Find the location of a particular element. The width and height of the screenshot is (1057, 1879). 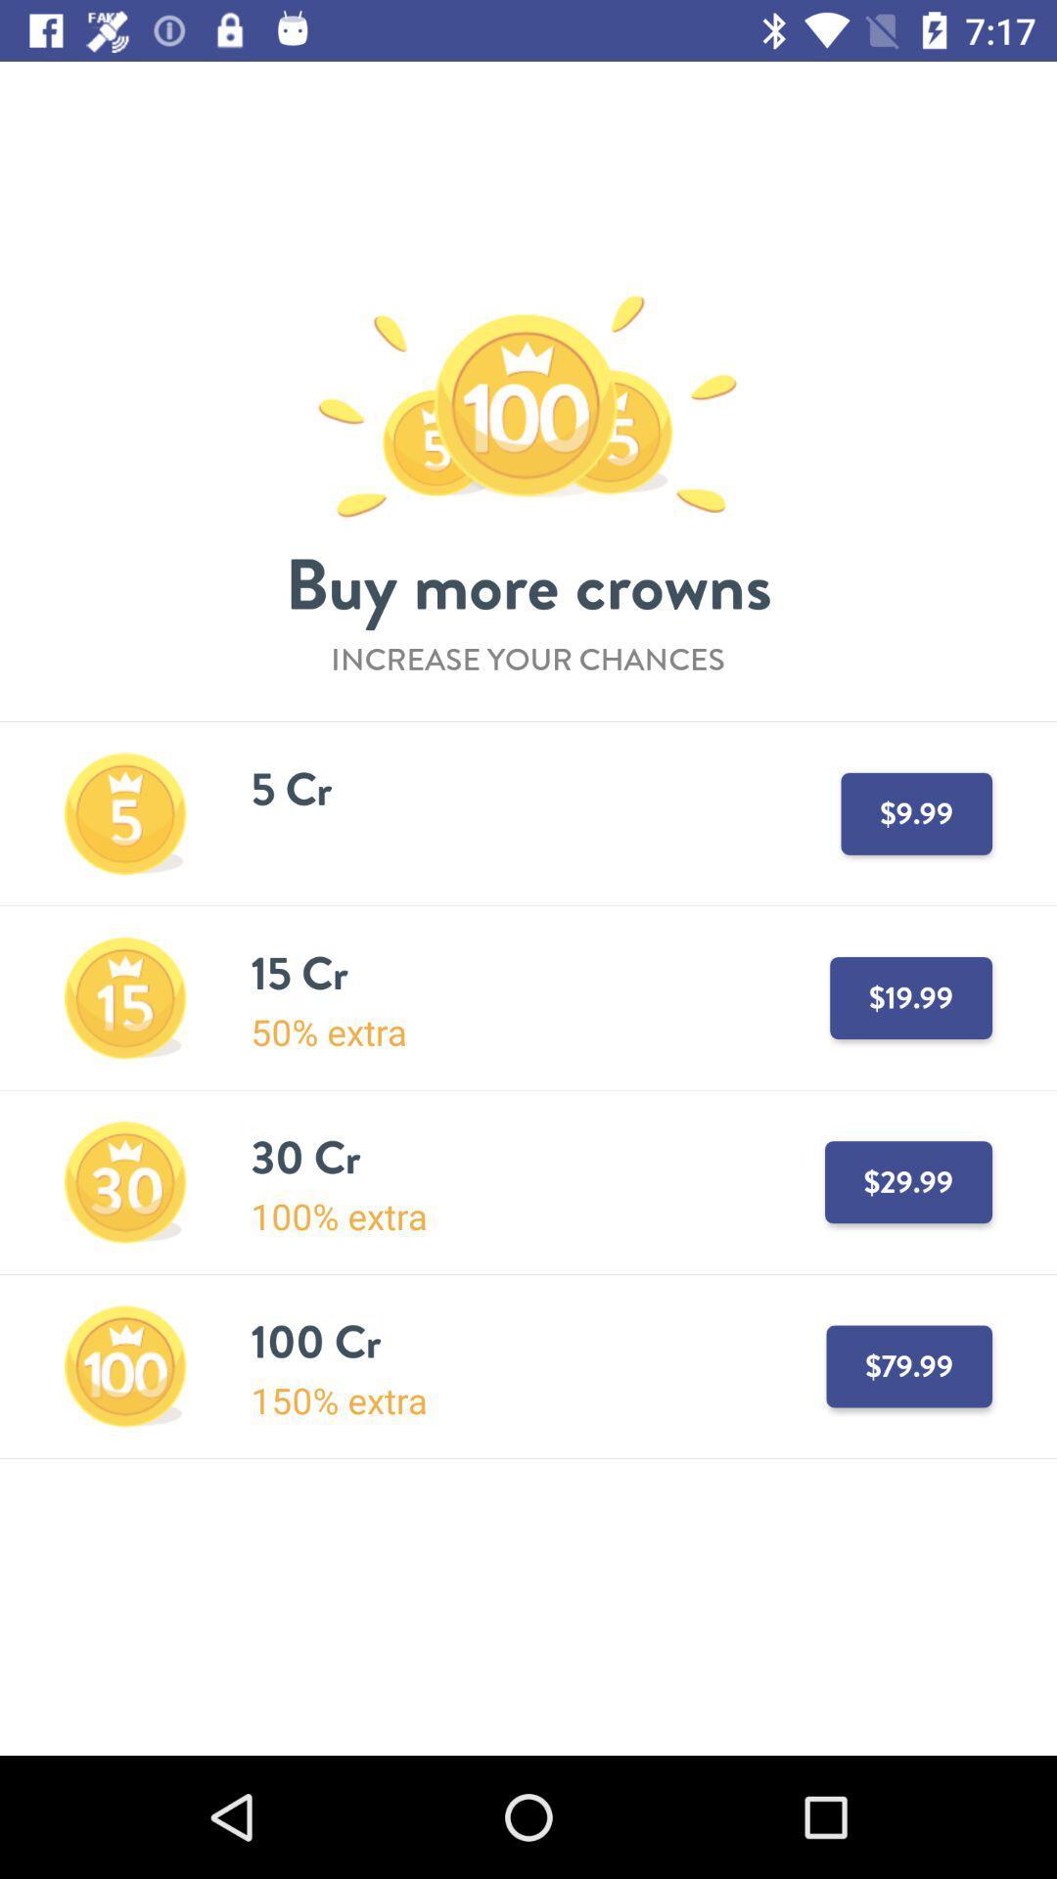

the text 2999 which is right of 30 cr is located at coordinates (908, 1181).